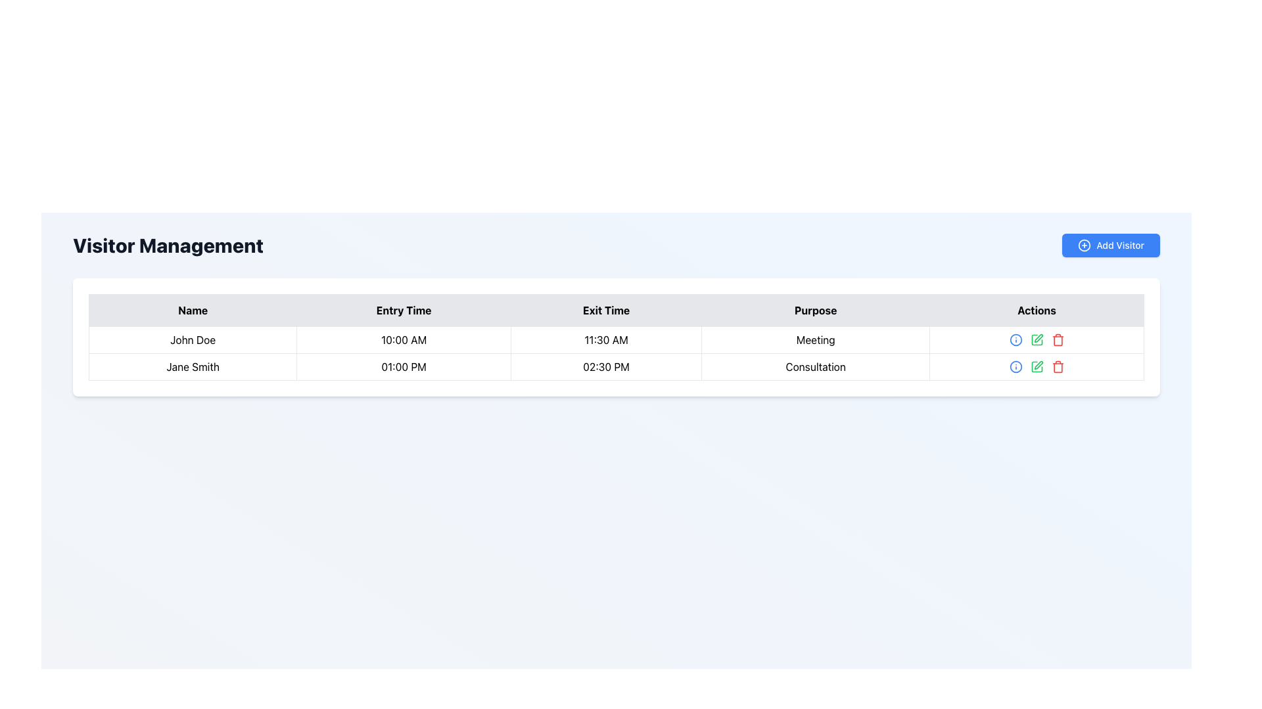 This screenshot has width=1262, height=709. What do you see at coordinates (1036, 367) in the screenshot?
I see `the edit button in the 'Actions' column of the second row of the table to initiate editing, located between a blue info icon and a red trash can icon` at bounding box center [1036, 367].